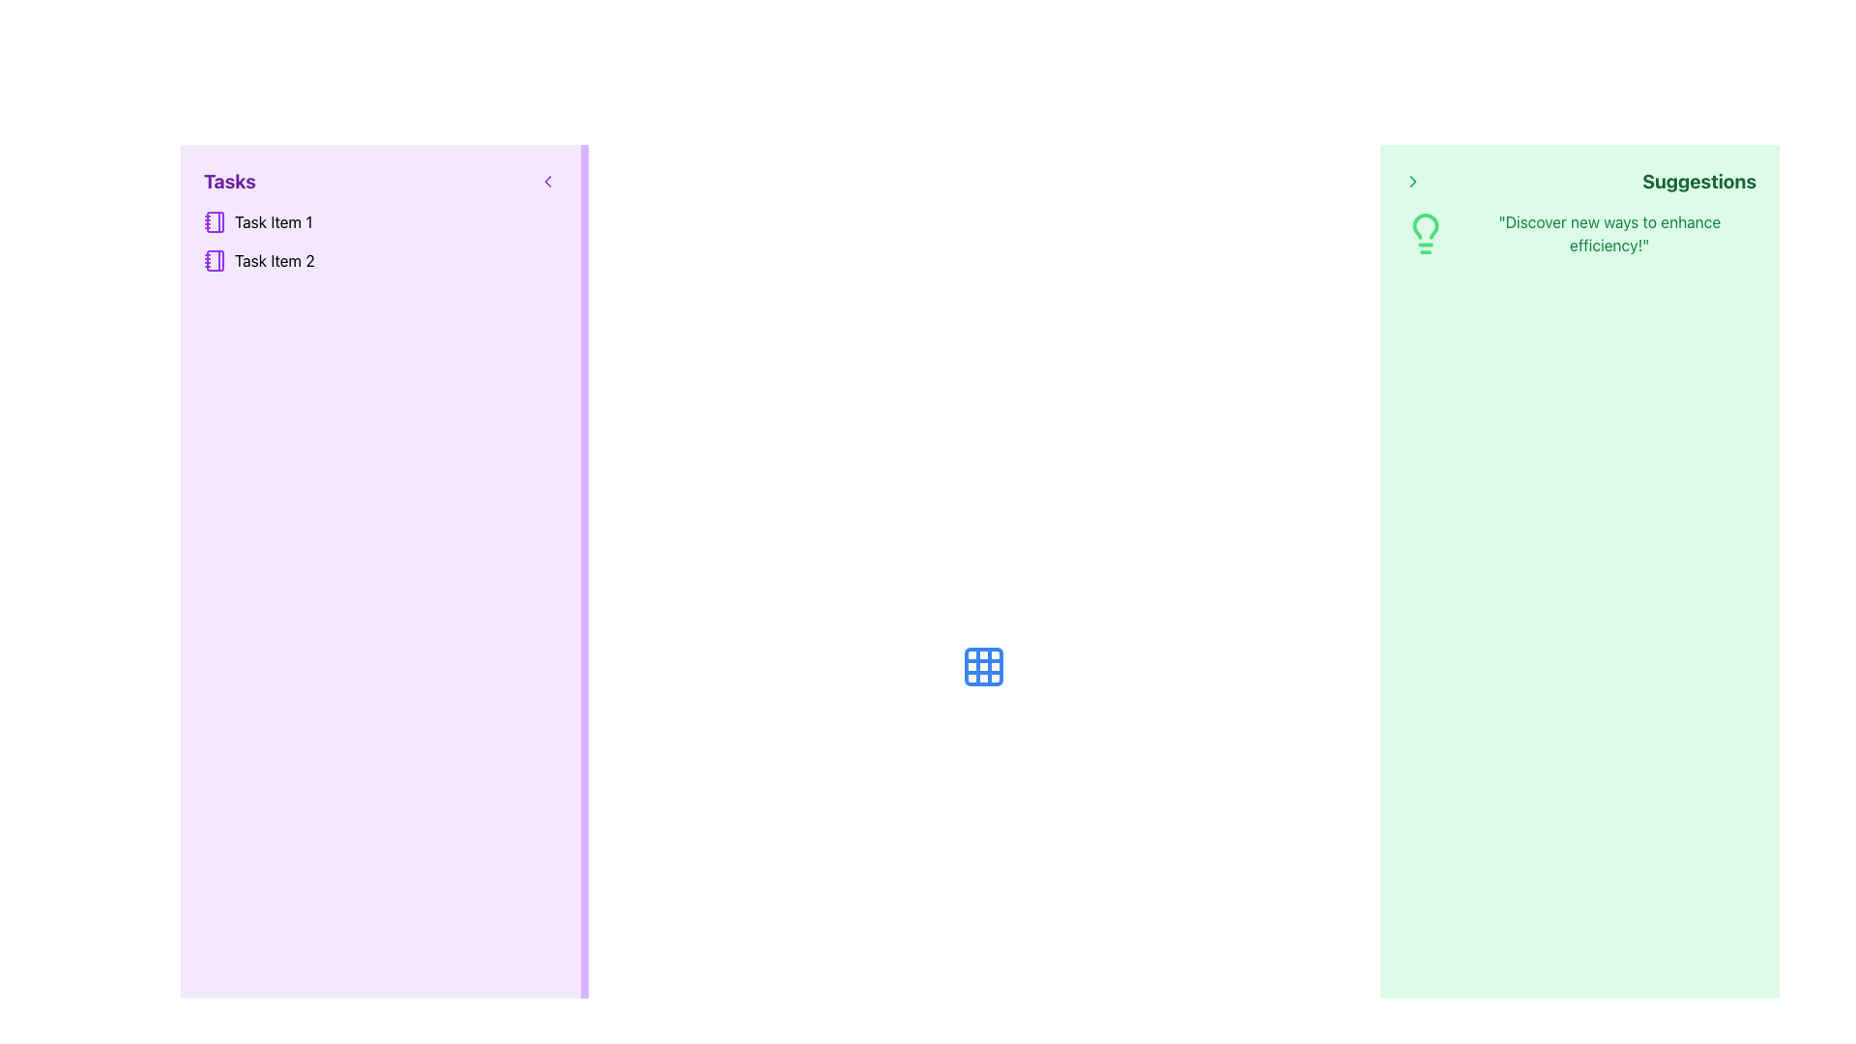 Image resolution: width=1856 pixels, height=1044 pixels. I want to click on the central navigation icon located between the 'Tasks' purple panel and the 'Suggestions' green panel, so click(983, 666).